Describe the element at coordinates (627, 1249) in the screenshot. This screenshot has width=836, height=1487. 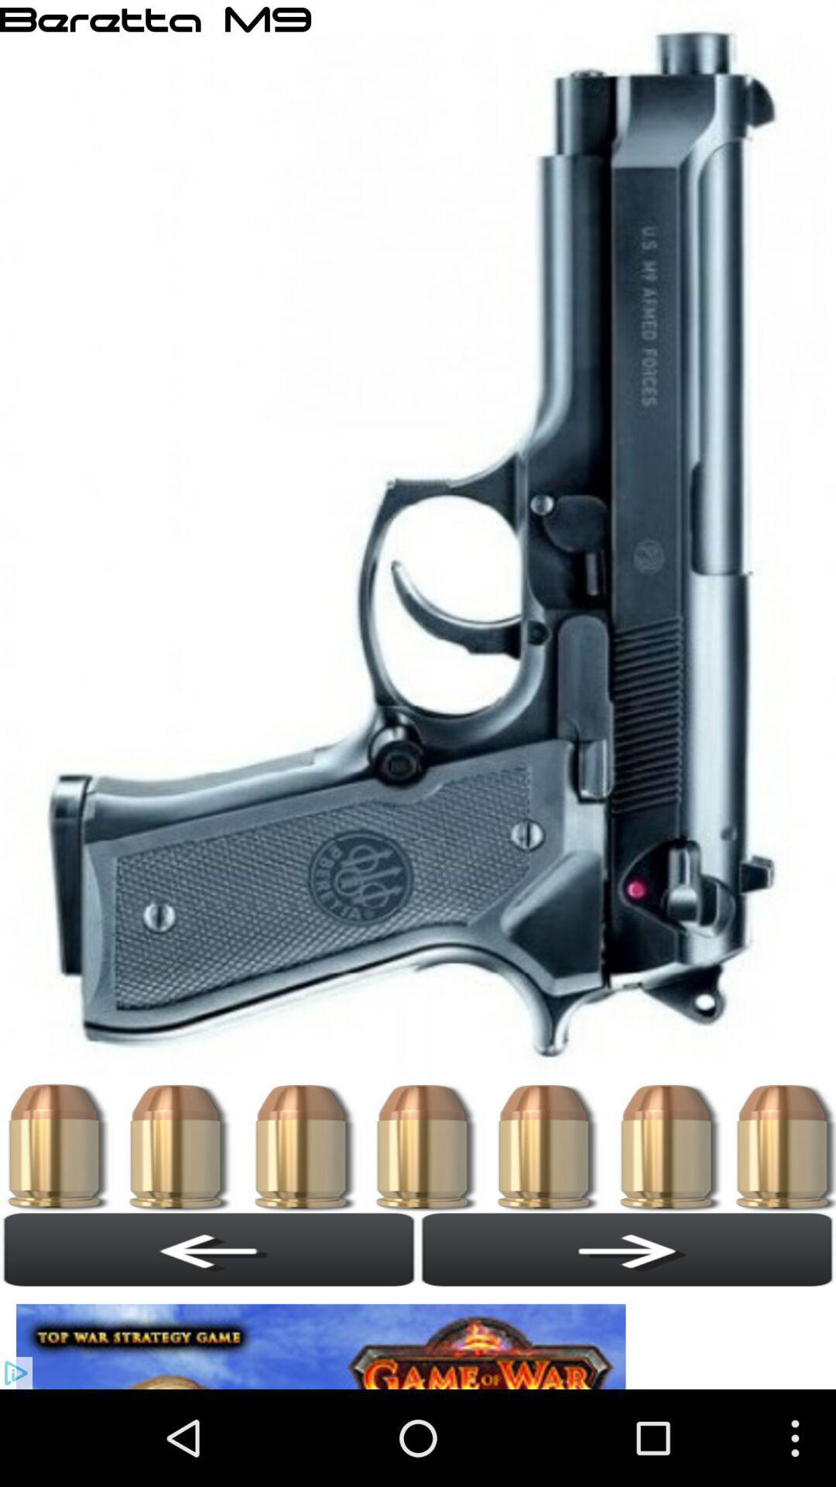
I see `next` at that location.